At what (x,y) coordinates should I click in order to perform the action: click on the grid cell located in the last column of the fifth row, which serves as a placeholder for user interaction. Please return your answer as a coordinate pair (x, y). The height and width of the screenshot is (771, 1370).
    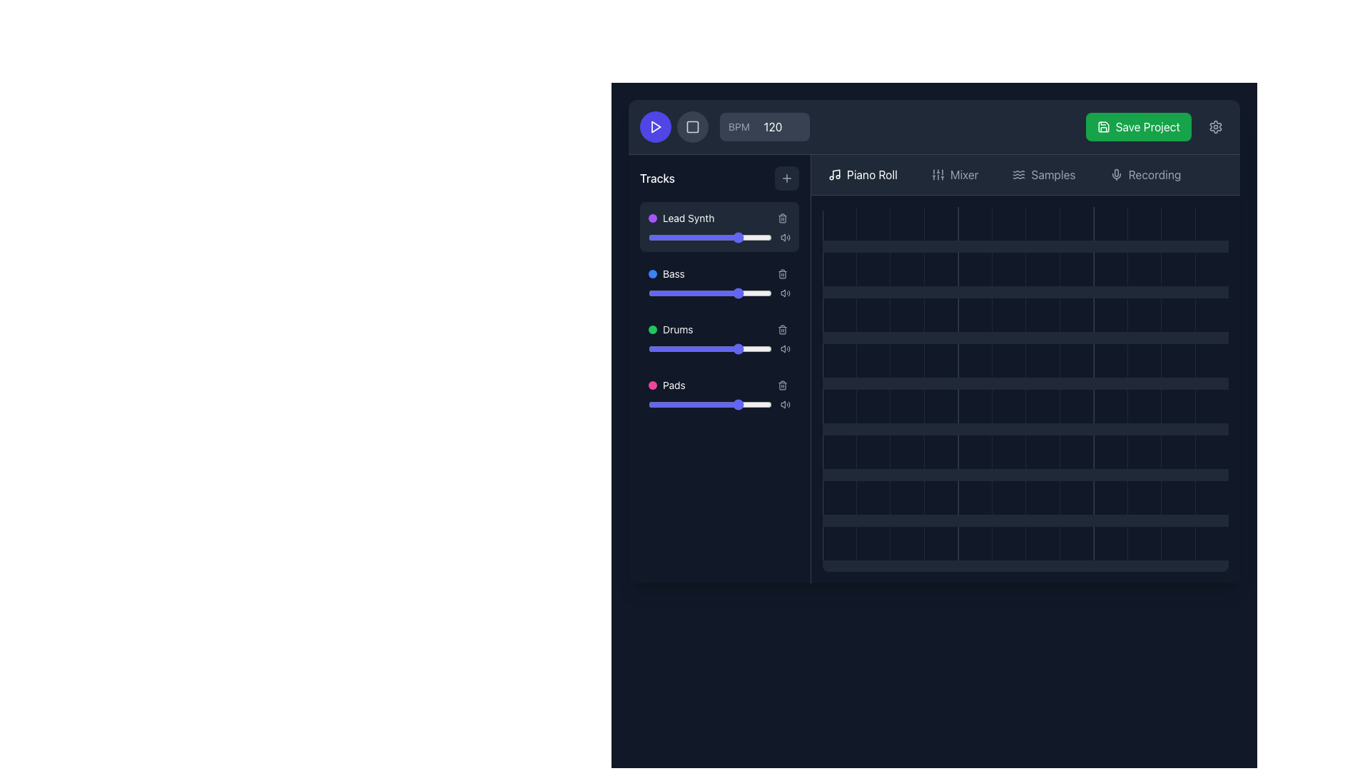
    Looking at the image, I should click on (1211, 406).